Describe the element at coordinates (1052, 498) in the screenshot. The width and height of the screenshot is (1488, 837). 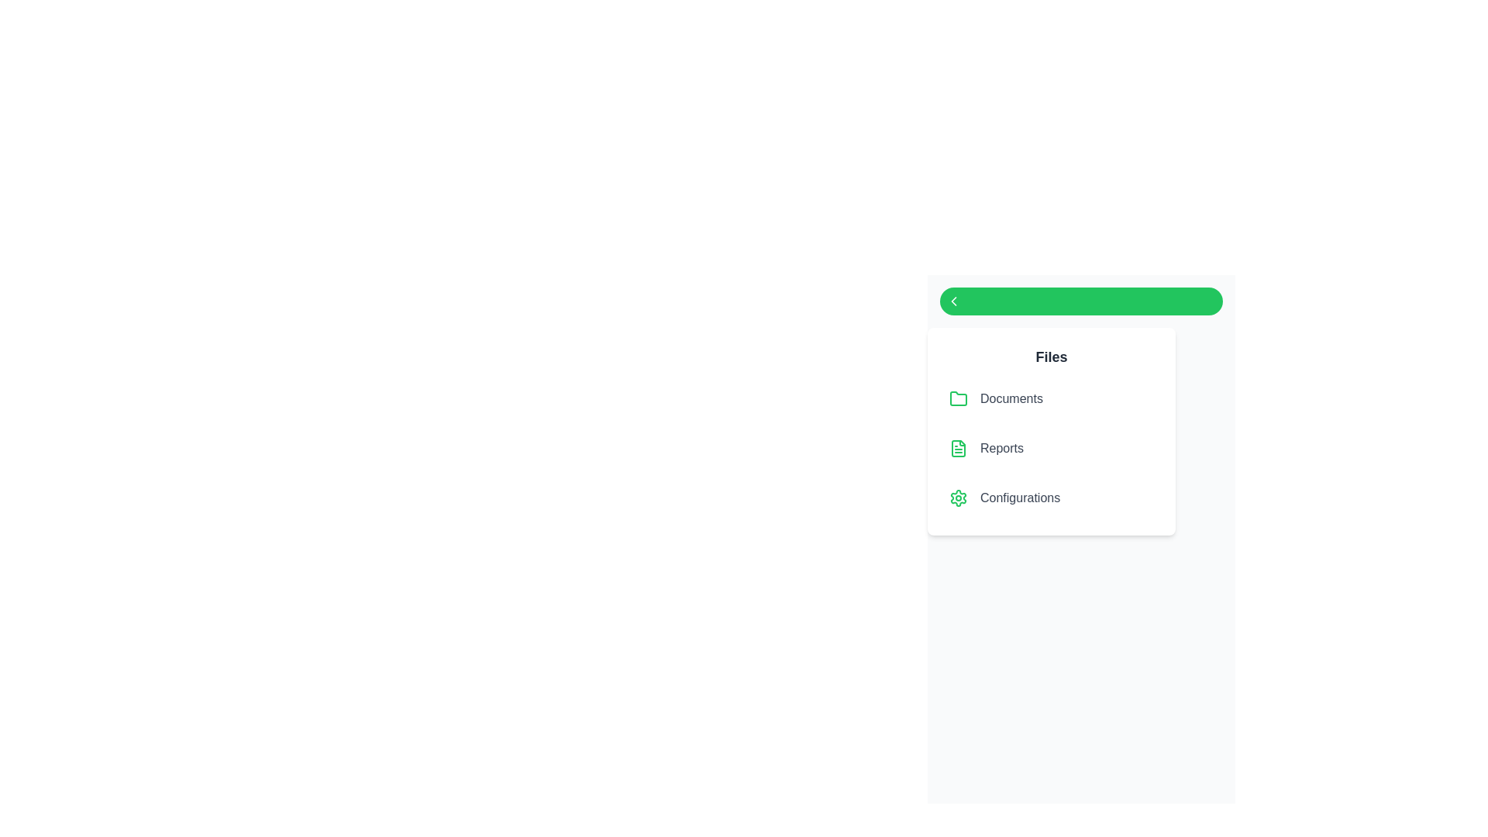
I see `the file item labeled 'Configurations' to highlight it` at that location.